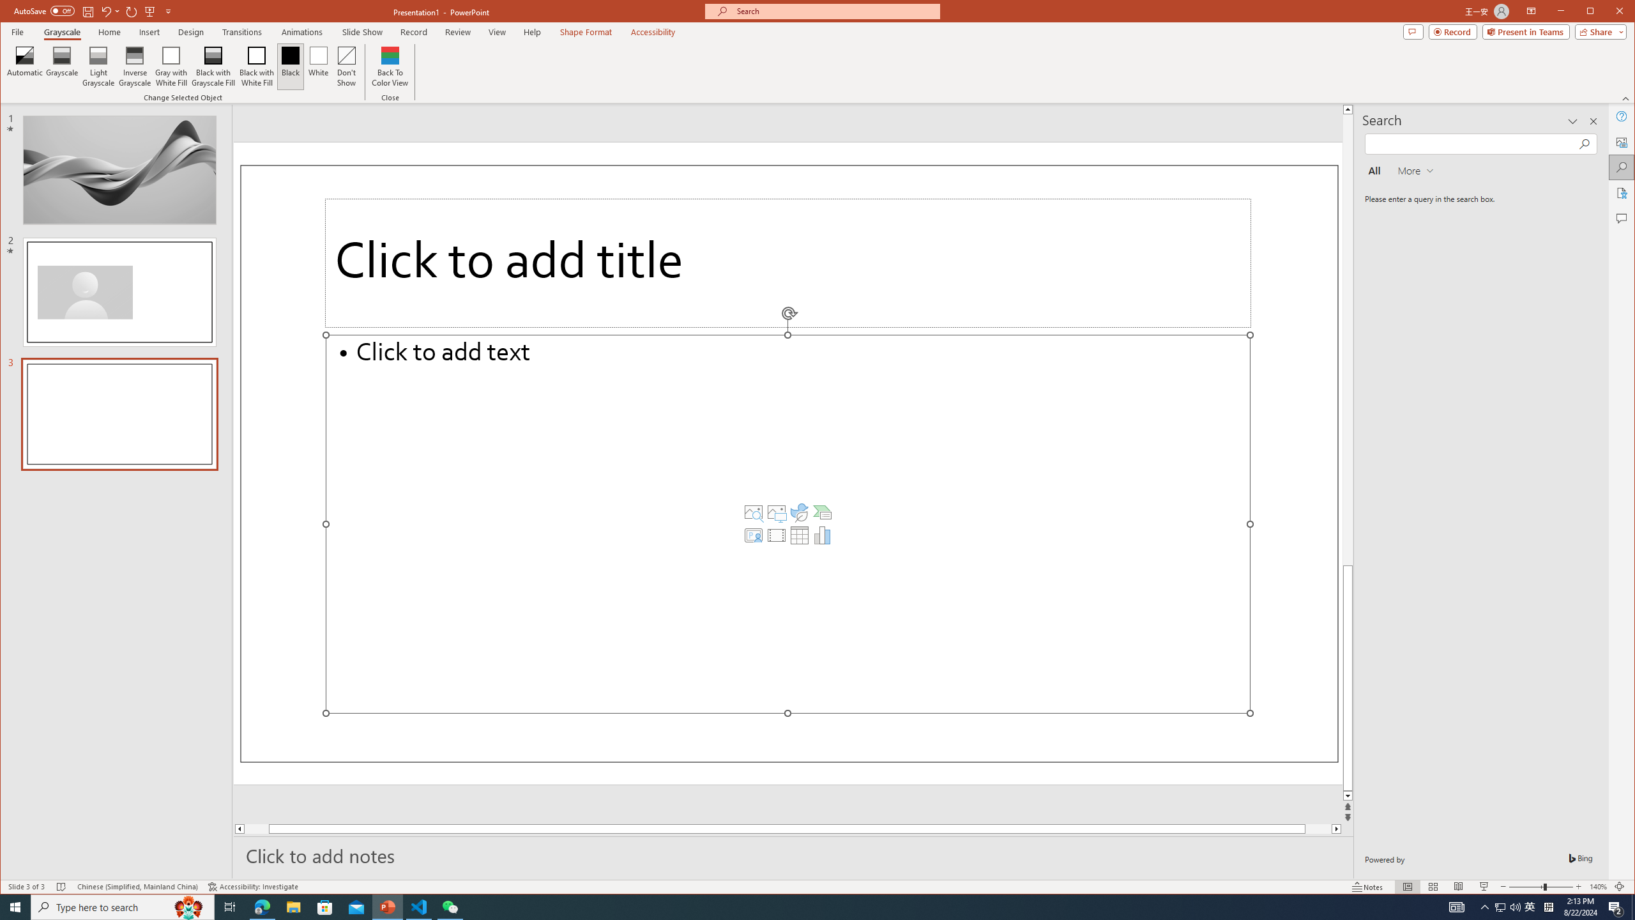 Image resolution: width=1635 pixels, height=920 pixels. What do you see at coordinates (252, 886) in the screenshot?
I see `'Accessibility Checker Accessibility: Investigate'` at bounding box center [252, 886].